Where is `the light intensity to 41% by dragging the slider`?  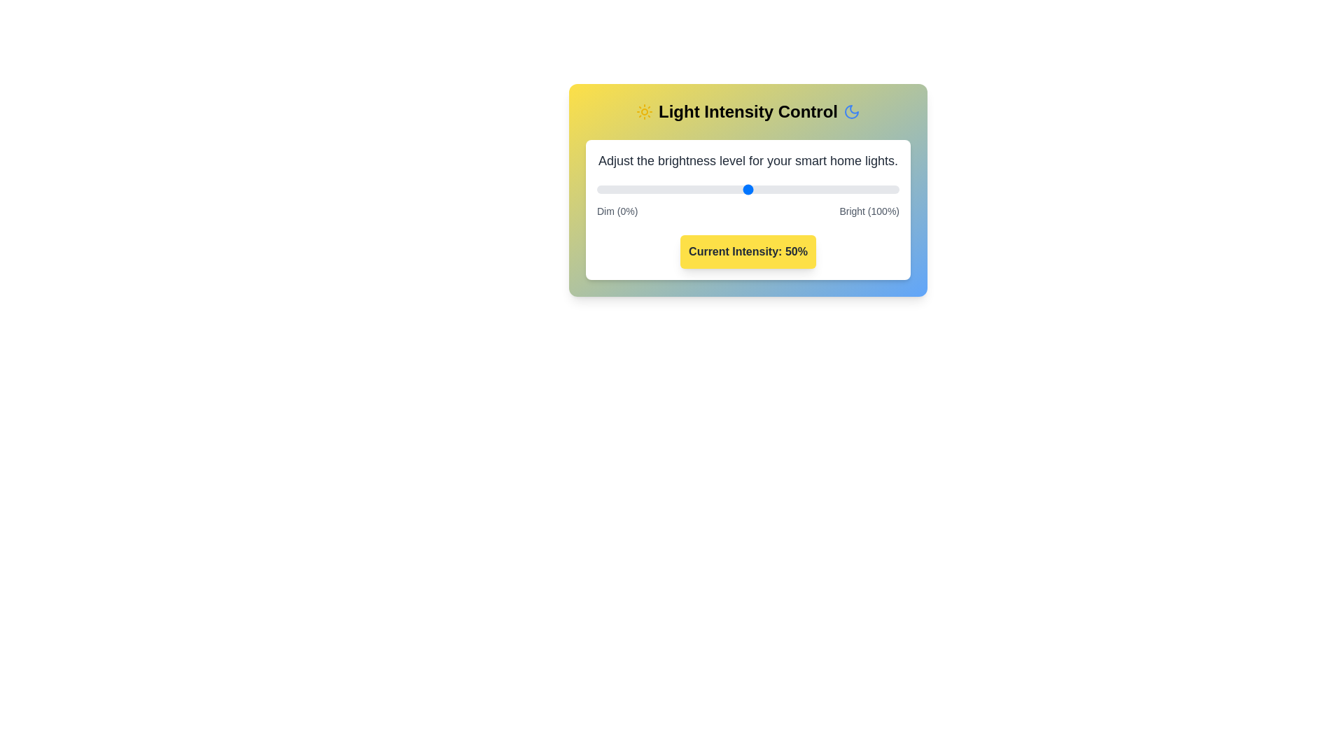
the light intensity to 41% by dragging the slider is located at coordinates (721, 189).